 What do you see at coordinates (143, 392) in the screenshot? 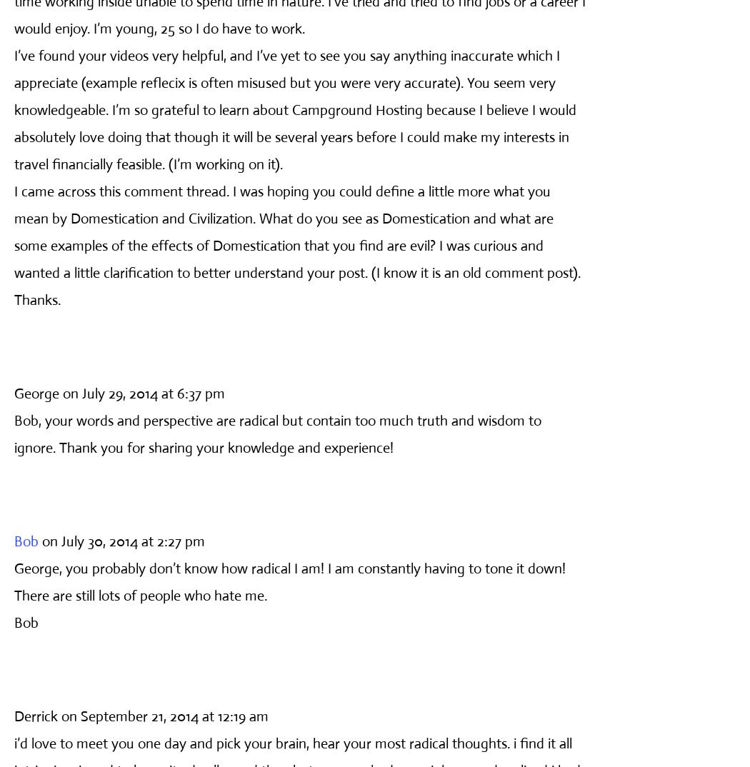
I see `'on July 29, 2014 at 6:37 pm'` at bounding box center [143, 392].